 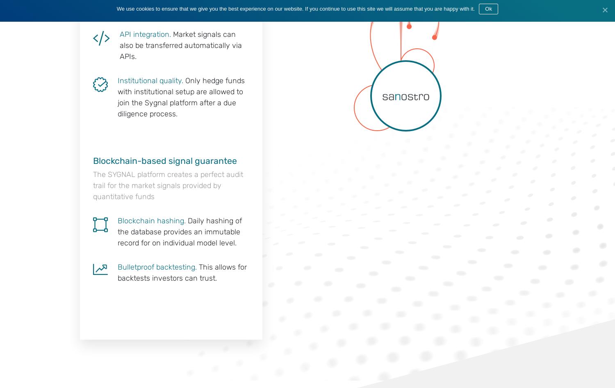 What do you see at coordinates (488, 9) in the screenshot?
I see `'Ok'` at bounding box center [488, 9].